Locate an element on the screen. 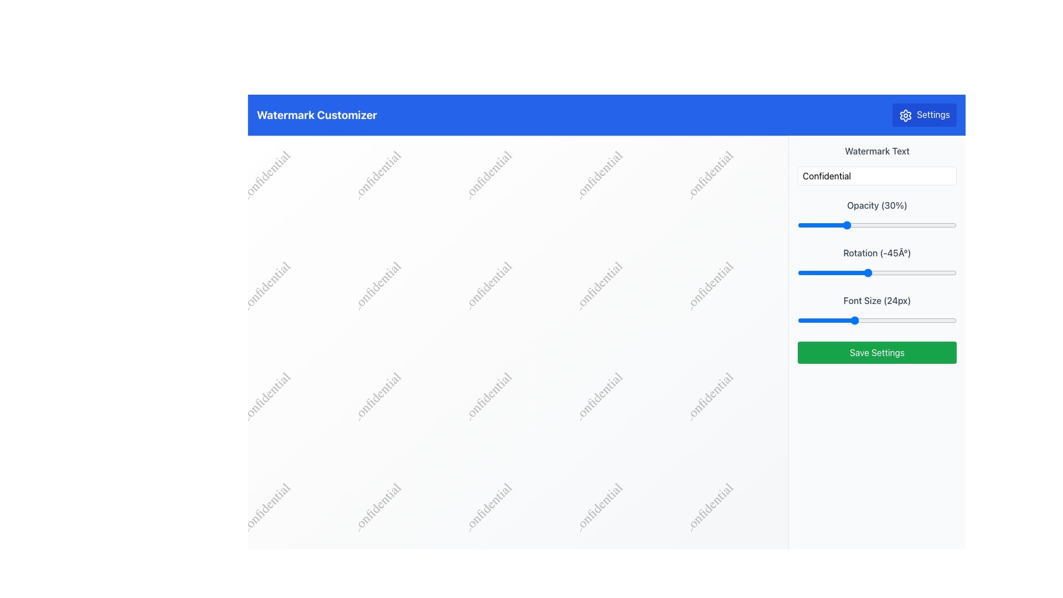 This screenshot has height=598, width=1063. the text label reading 'Font Size (24px)' in the right panel, located below the 'Rotation' slider is located at coordinates (876, 300).